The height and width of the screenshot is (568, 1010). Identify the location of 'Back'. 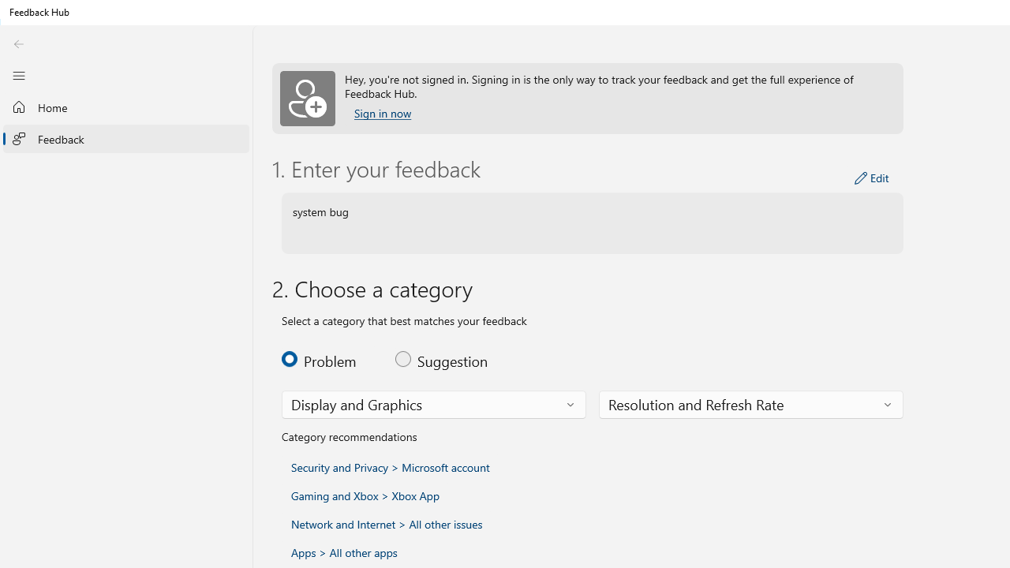
(18, 43).